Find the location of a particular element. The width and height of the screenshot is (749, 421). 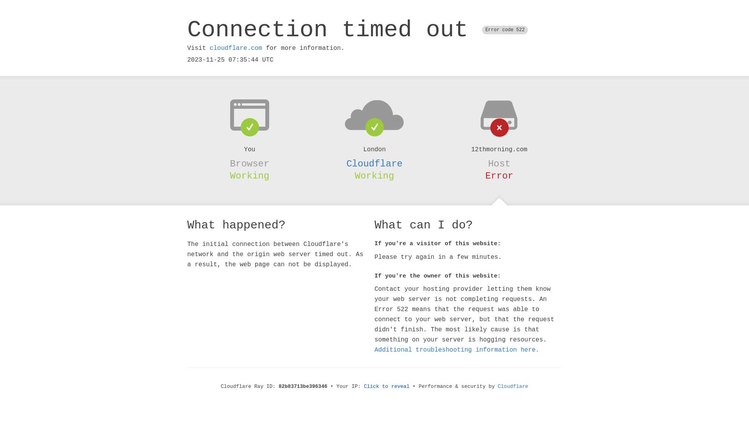

'Click to reveal' is located at coordinates (363, 386).